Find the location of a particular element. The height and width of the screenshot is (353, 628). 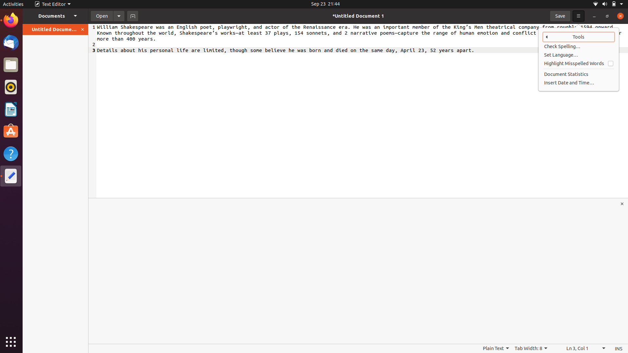

Activate the file time.docx is located at coordinates (101, 15).